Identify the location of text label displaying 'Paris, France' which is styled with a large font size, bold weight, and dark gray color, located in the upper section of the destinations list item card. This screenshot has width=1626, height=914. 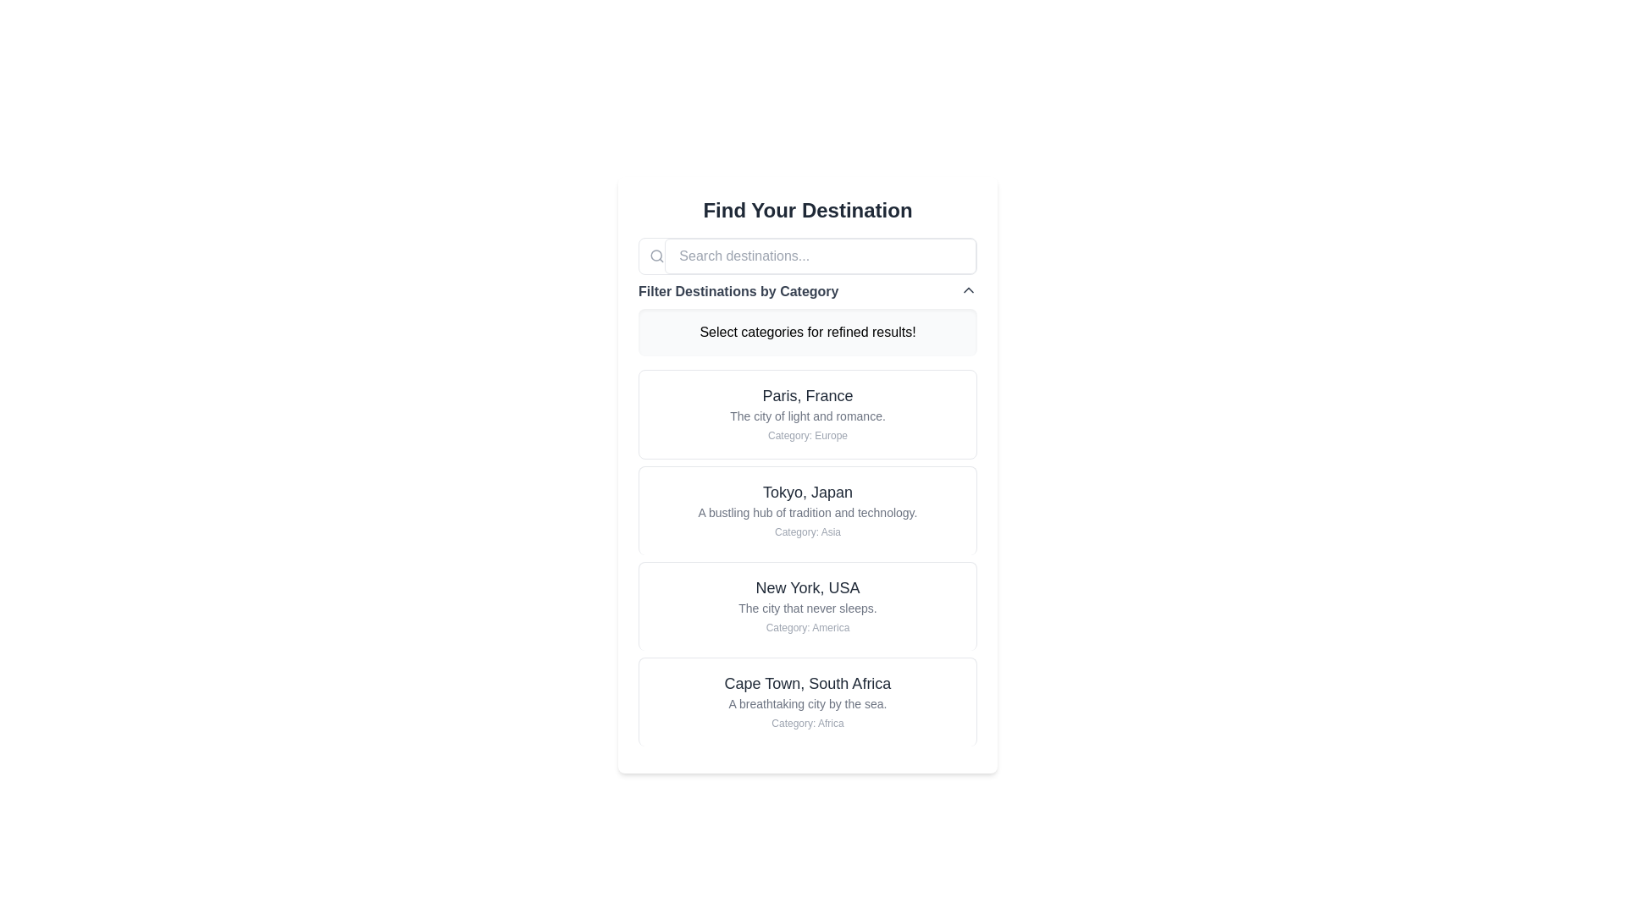
(807, 395).